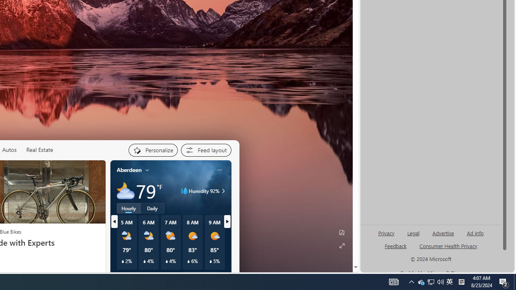 This screenshot has width=516, height=290. What do you see at coordinates (152, 207) in the screenshot?
I see `'Daily'` at bounding box center [152, 207].